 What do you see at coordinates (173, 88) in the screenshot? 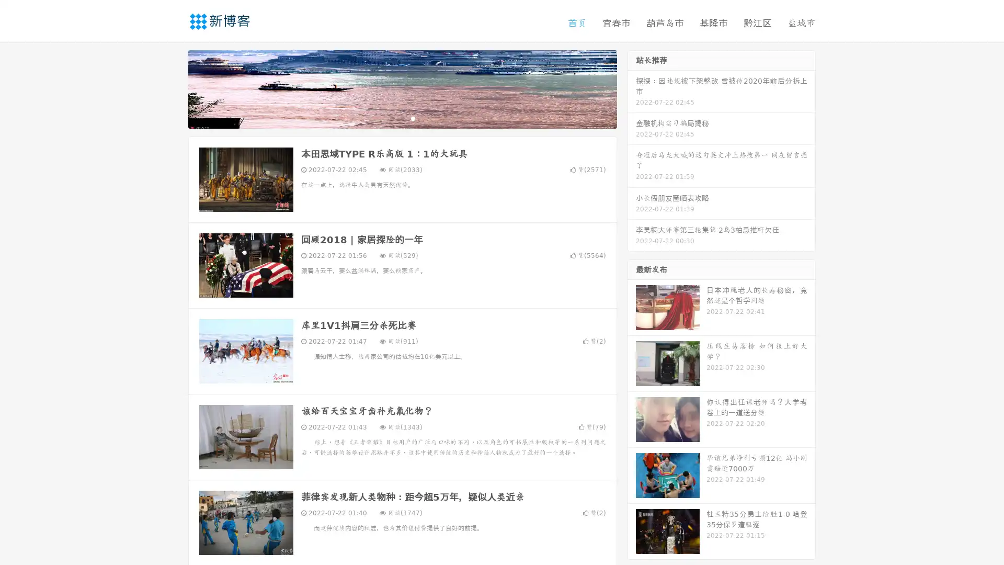
I see `Previous slide` at bounding box center [173, 88].